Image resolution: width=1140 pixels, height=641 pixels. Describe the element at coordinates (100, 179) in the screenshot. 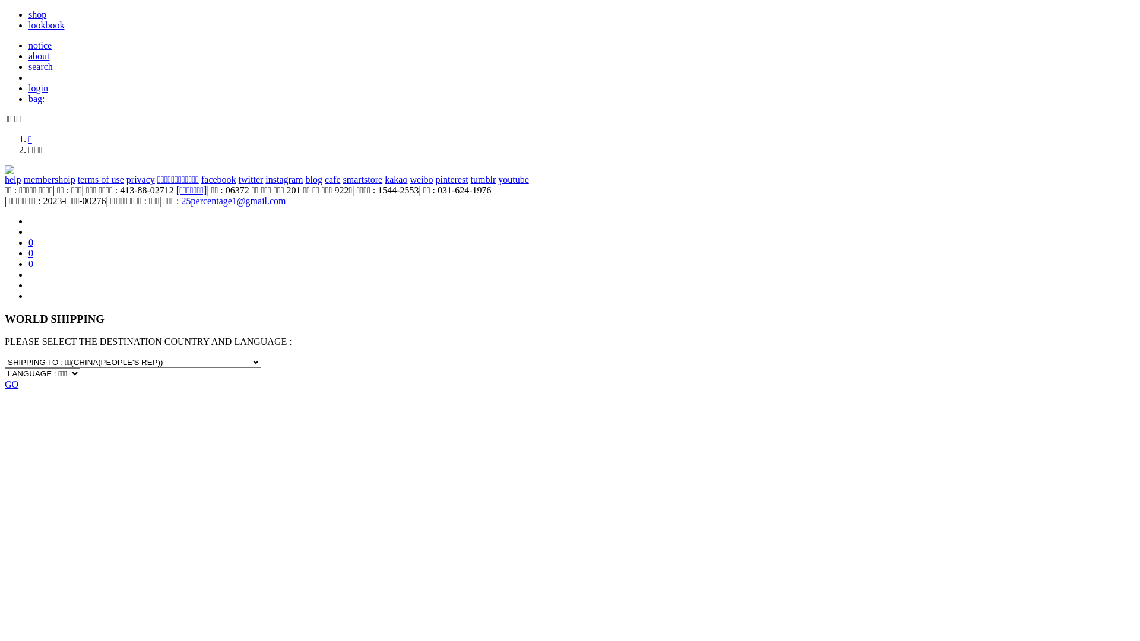

I see `'terms of use'` at that location.